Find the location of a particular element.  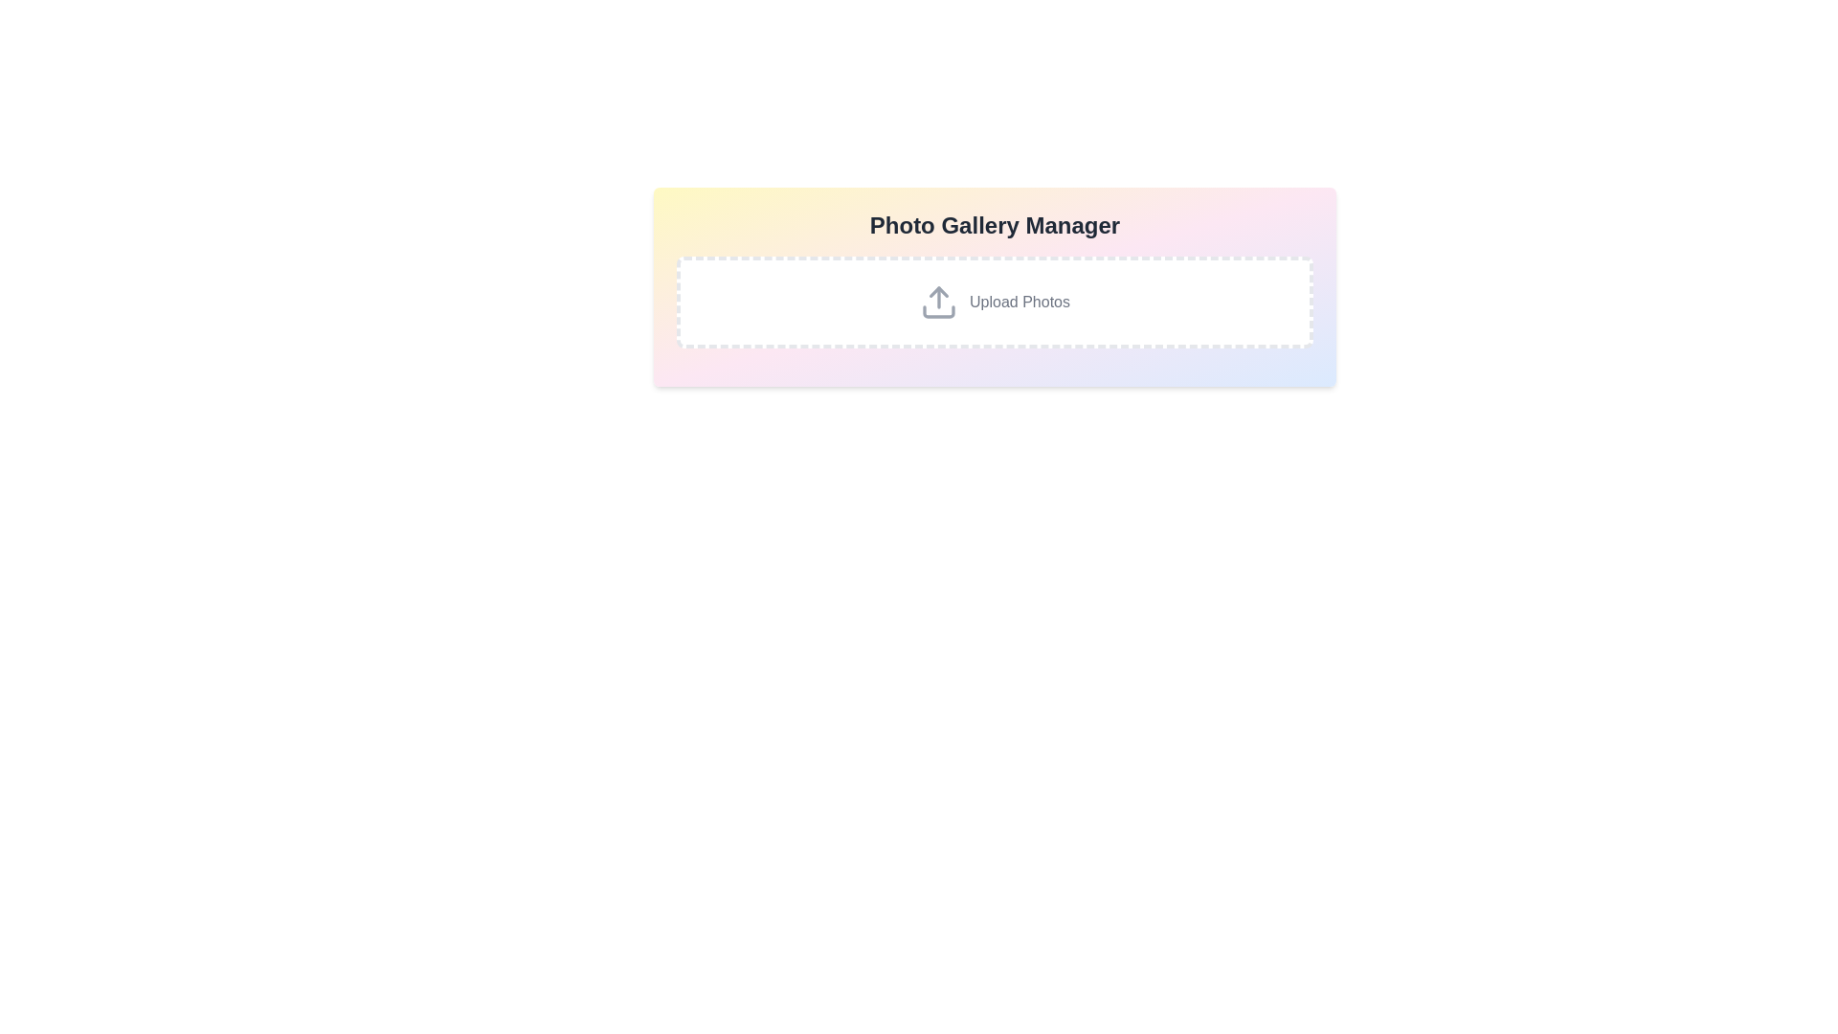

the 'Upload Photos' button, which is visually centered within a dashed-bordered box and features an upload icon above the text is located at coordinates (995, 302).